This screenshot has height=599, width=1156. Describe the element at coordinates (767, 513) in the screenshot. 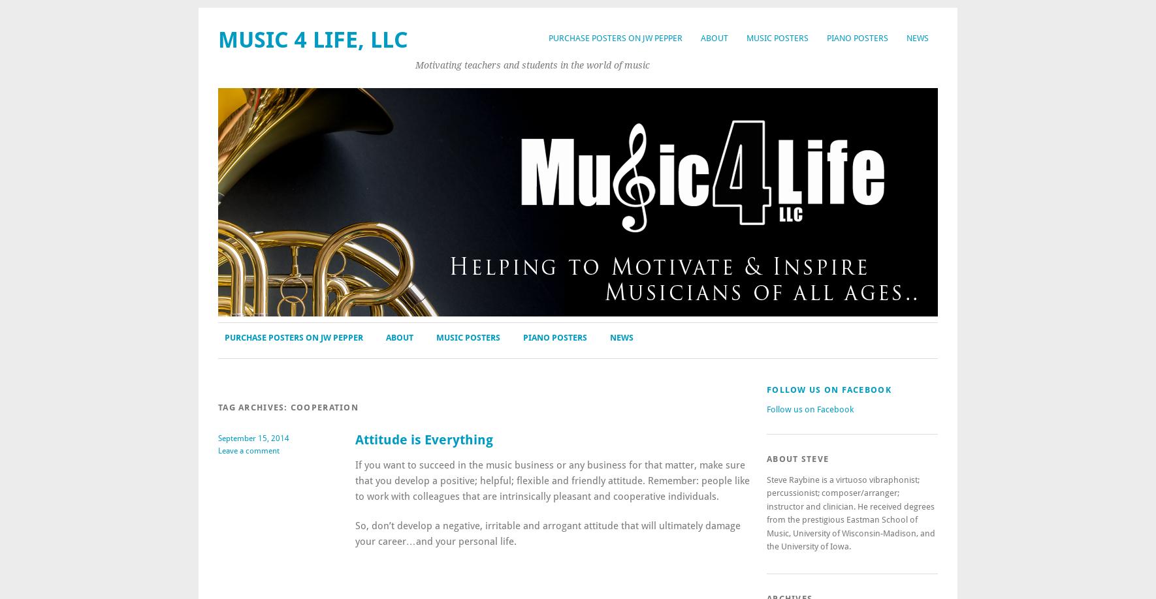

I see `'Steve Raybine is a virtuoso vibraphonist; percussionist; composer/arranger; instructor and clinician. He received degrees from the prestigious Eastman School of Music, University of Wisconsin-Madison, and the University of Iowa.'` at that location.